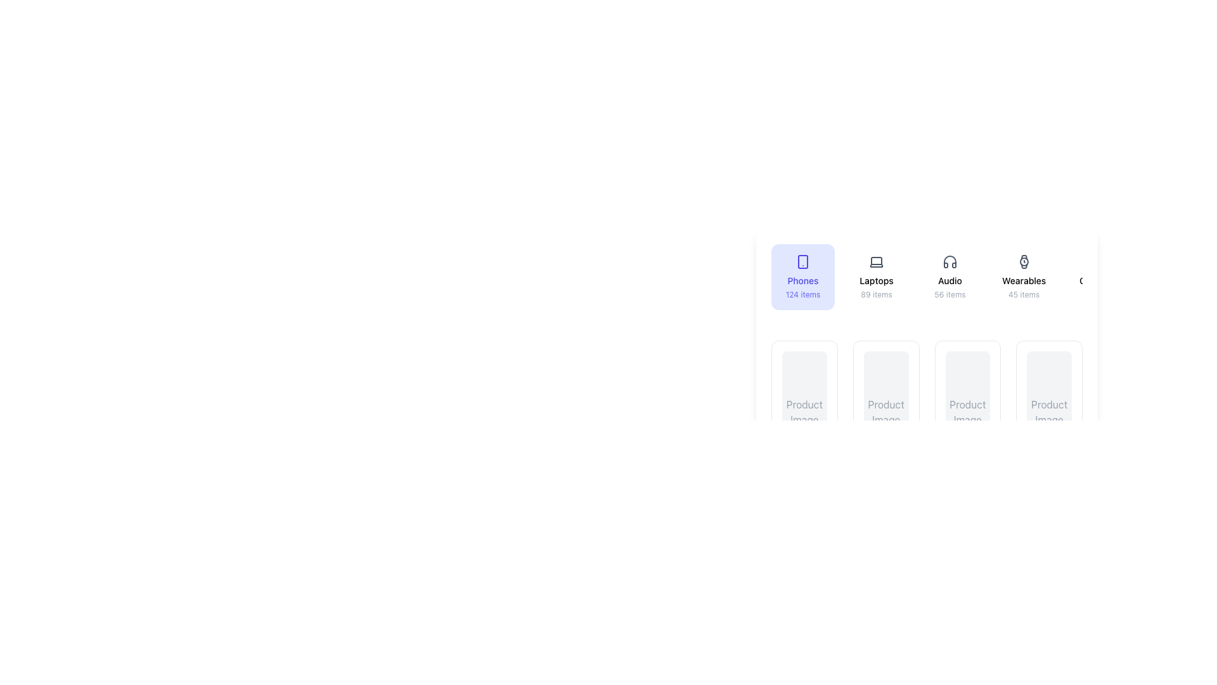  What do you see at coordinates (875, 261) in the screenshot?
I see `the laptop icon graphic located centrally within the navigation bar, which is the second graphic in the bar, to the right of the phone icon and to the left of the audio devices icon` at bounding box center [875, 261].